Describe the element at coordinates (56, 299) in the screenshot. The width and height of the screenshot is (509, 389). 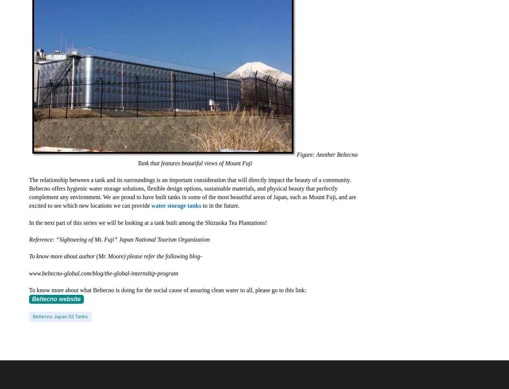
I see `'Beltecno website'` at that location.